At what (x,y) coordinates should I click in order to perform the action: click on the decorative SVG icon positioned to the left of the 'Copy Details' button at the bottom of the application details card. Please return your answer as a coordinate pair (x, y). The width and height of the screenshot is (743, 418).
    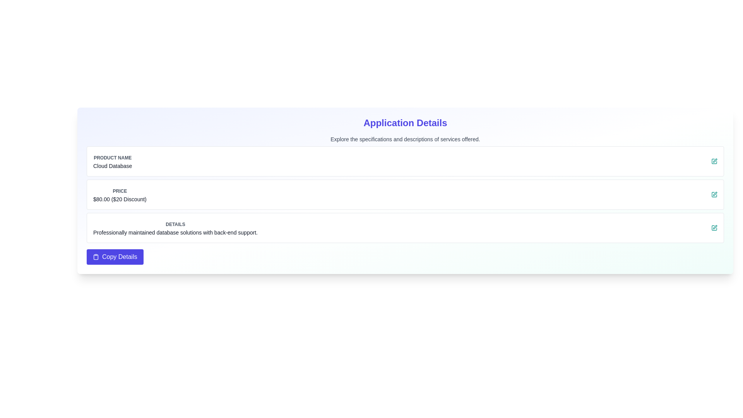
    Looking at the image, I should click on (96, 257).